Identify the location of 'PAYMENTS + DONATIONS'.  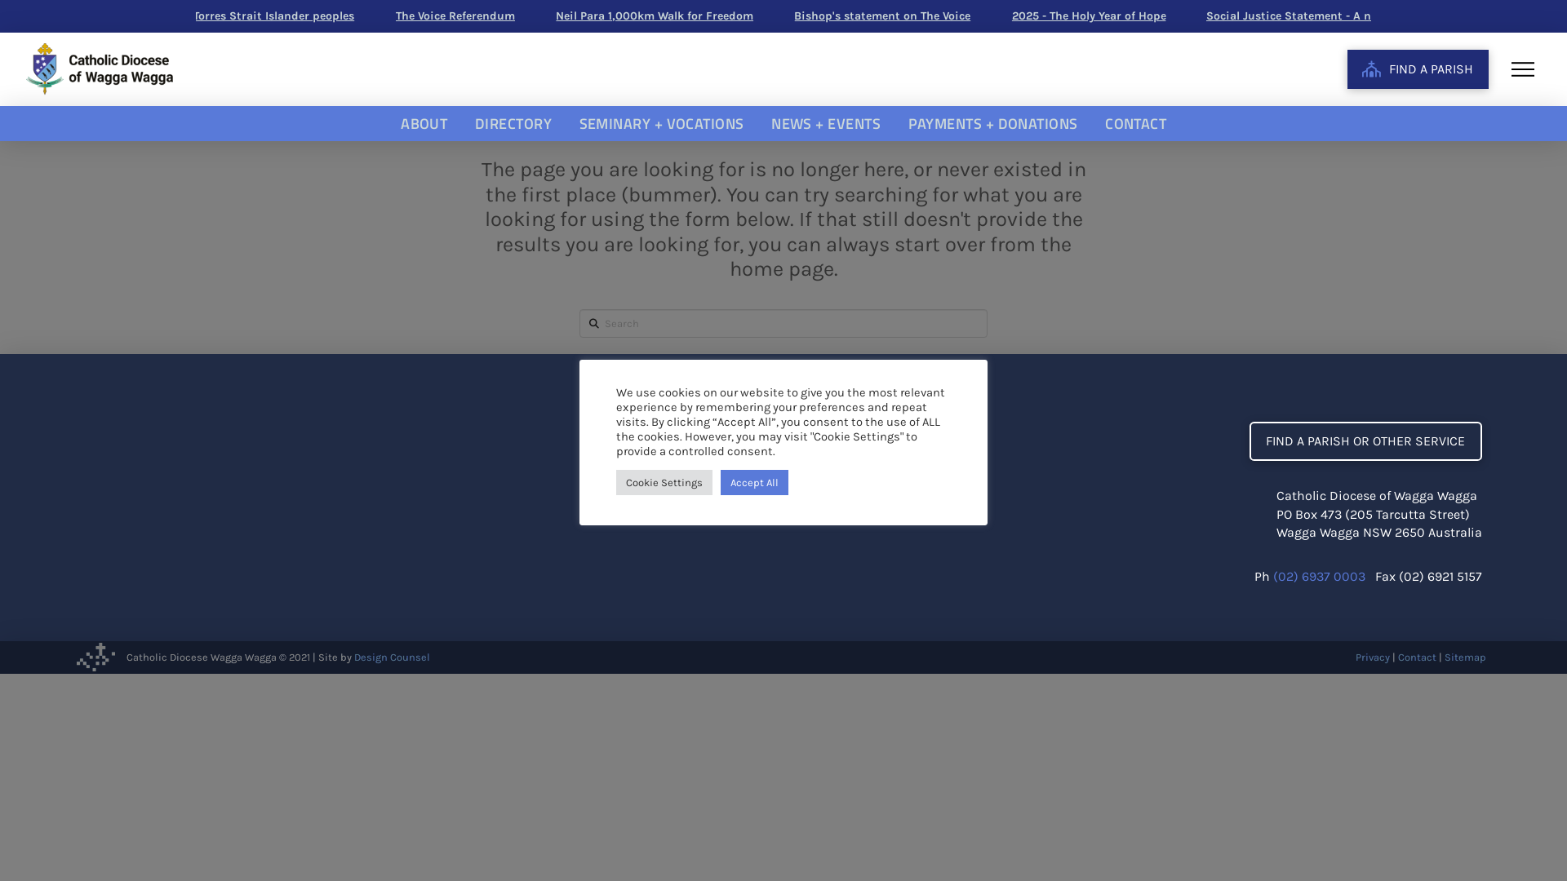
(992, 122).